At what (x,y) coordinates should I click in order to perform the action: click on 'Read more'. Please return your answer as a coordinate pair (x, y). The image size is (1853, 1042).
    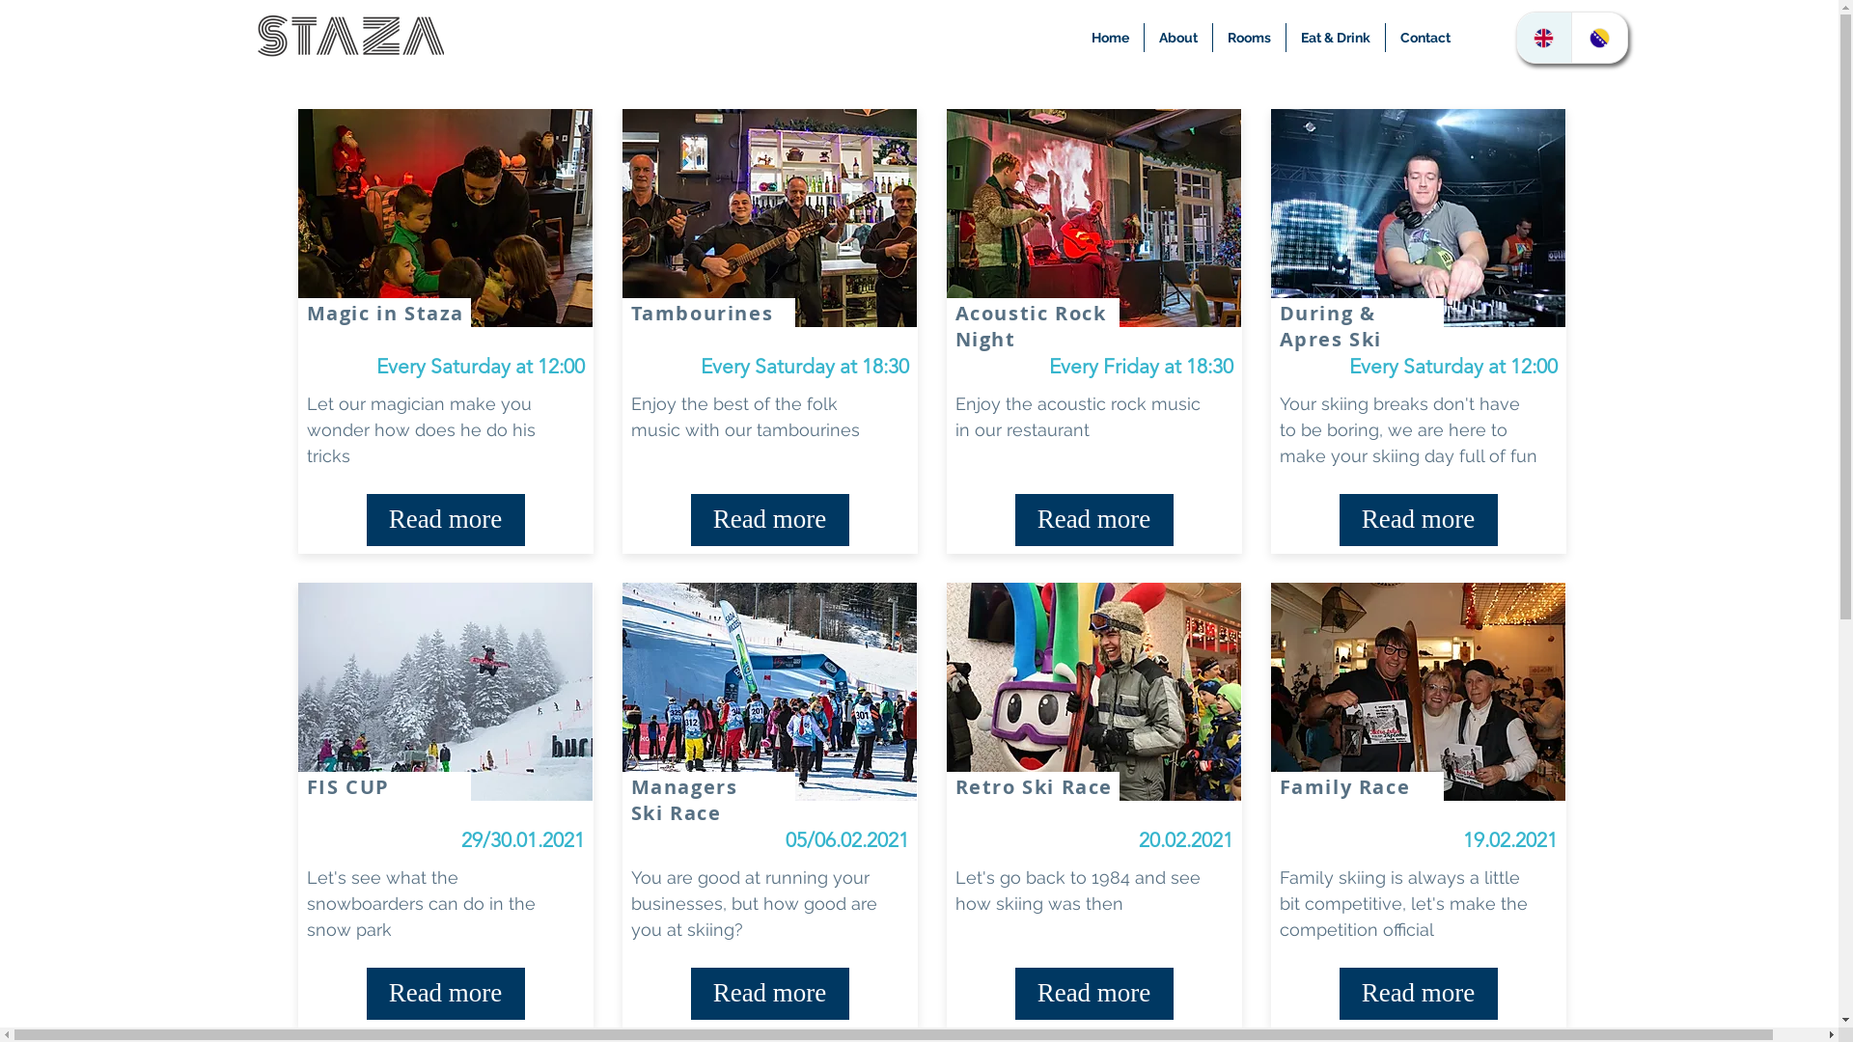
    Looking at the image, I should click on (1418, 993).